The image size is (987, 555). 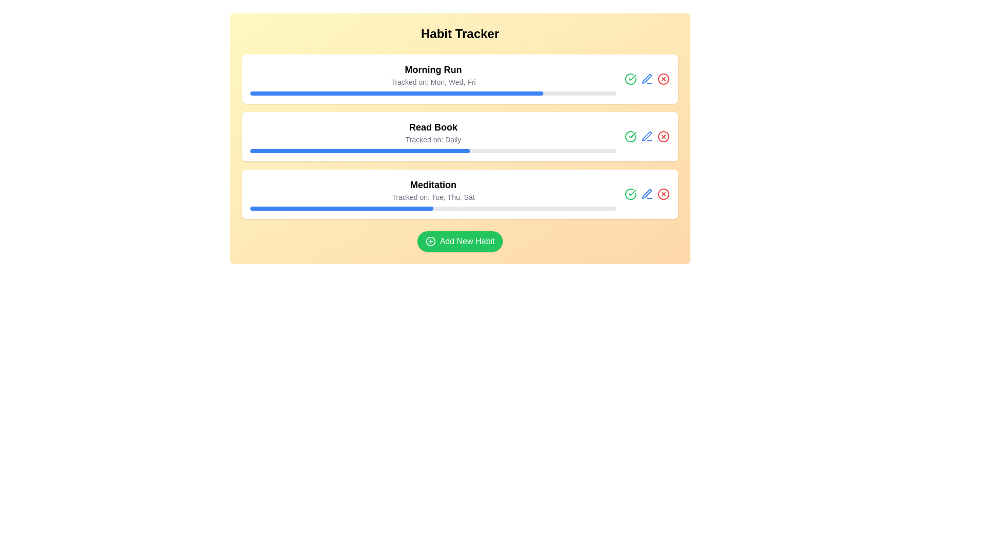 I want to click on the progress bar of the Habit tracker card titled 'Meditation', which displays the activity name in bold and a note about tracking days, with the progress visually represented by a blue section, so click(x=433, y=194).